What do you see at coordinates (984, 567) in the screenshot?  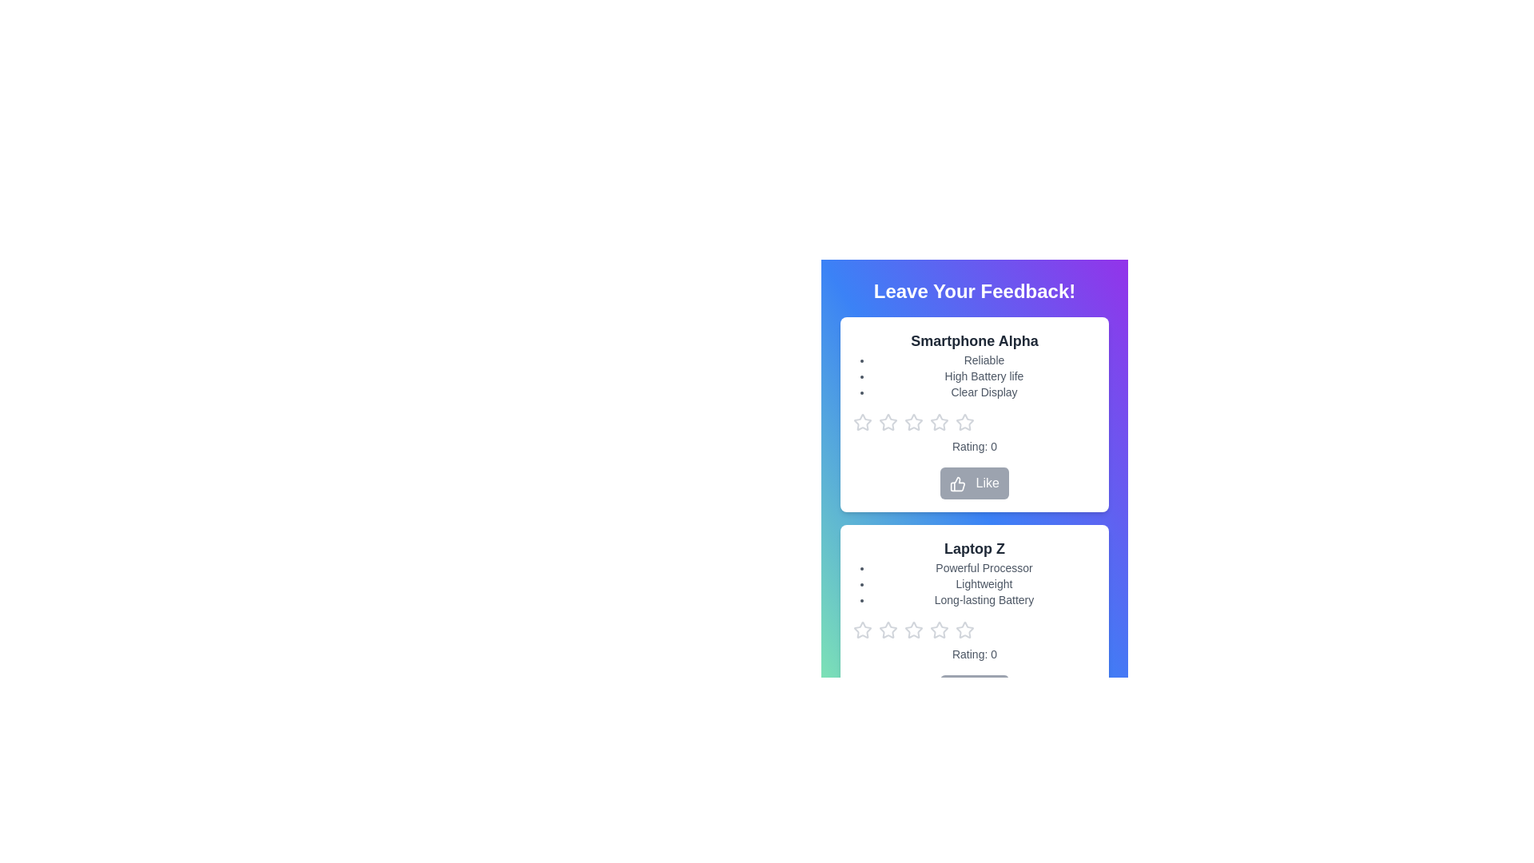 I see `the static text label that describes the product 'Laptop Z', located directly below its section title in the bulleted list` at bounding box center [984, 567].